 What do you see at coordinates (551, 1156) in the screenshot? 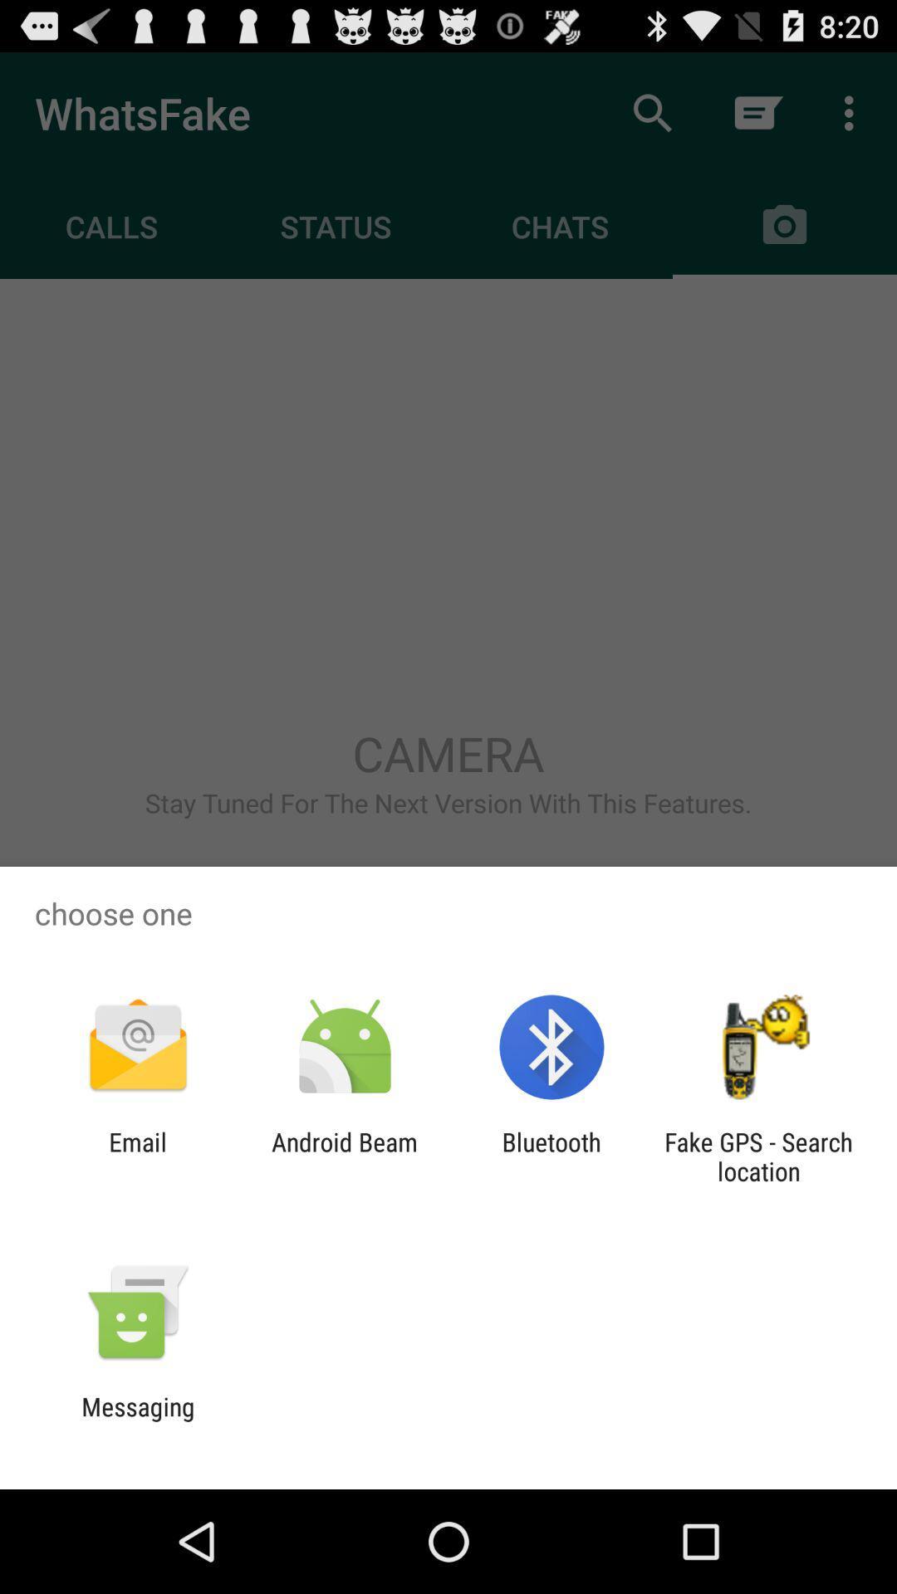
I see `the bluetooth item` at bounding box center [551, 1156].